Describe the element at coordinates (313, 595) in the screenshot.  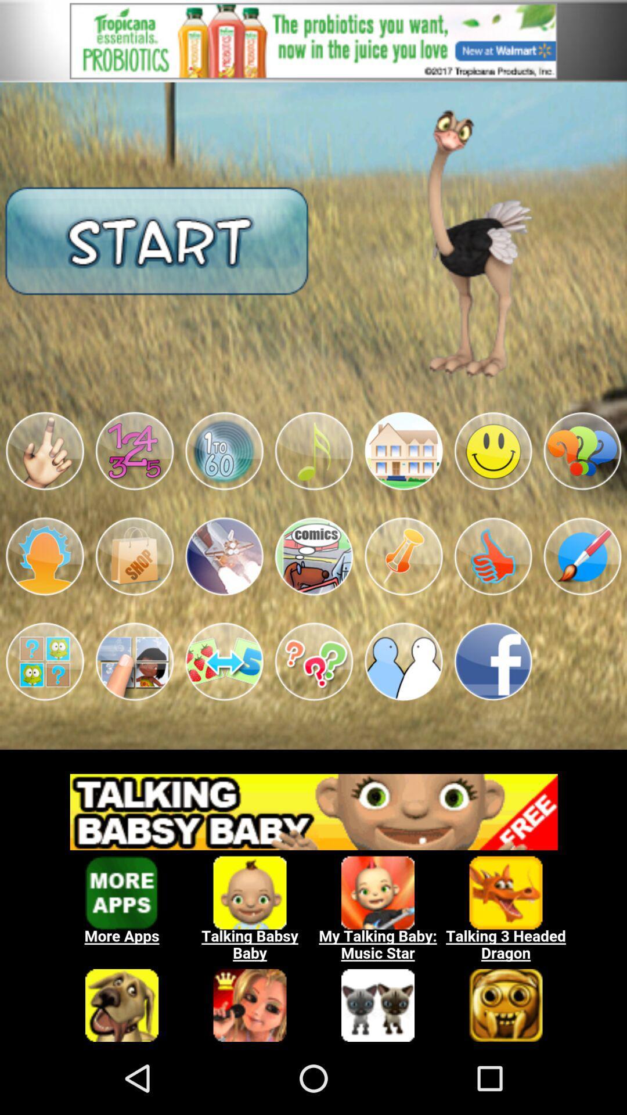
I see `the menu icon` at that location.